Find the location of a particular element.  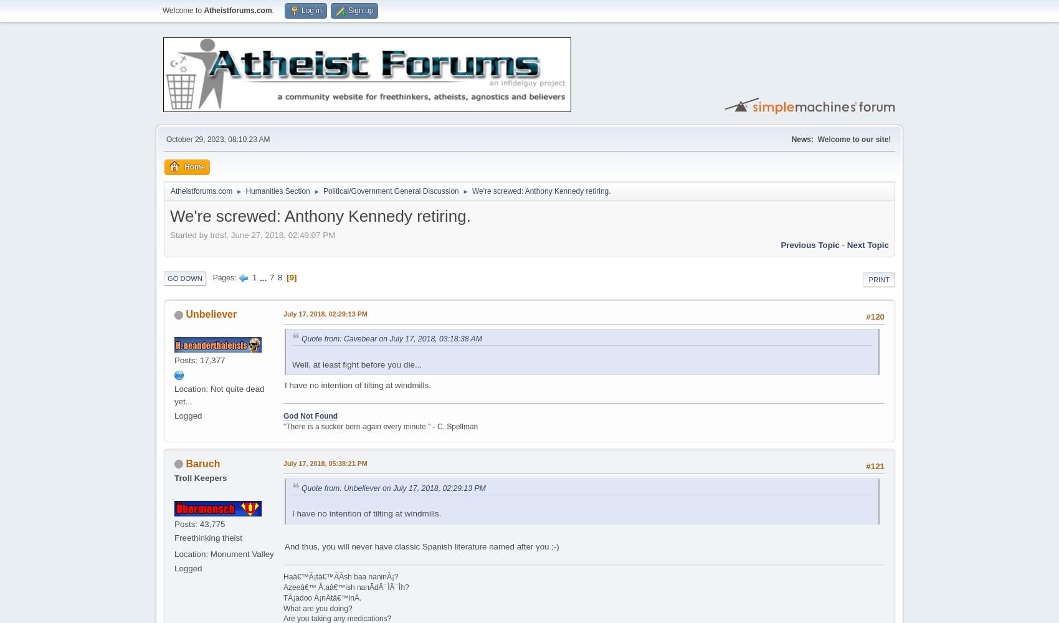

'Posts: 17,377' is located at coordinates (174, 359).